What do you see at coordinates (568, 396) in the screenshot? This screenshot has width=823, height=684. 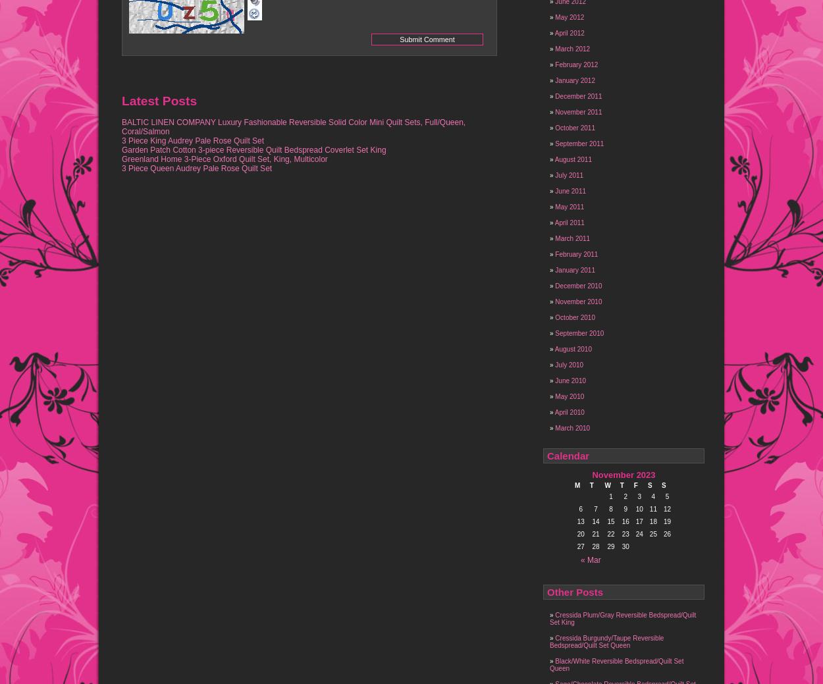 I see `'May 2010'` at bounding box center [568, 396].